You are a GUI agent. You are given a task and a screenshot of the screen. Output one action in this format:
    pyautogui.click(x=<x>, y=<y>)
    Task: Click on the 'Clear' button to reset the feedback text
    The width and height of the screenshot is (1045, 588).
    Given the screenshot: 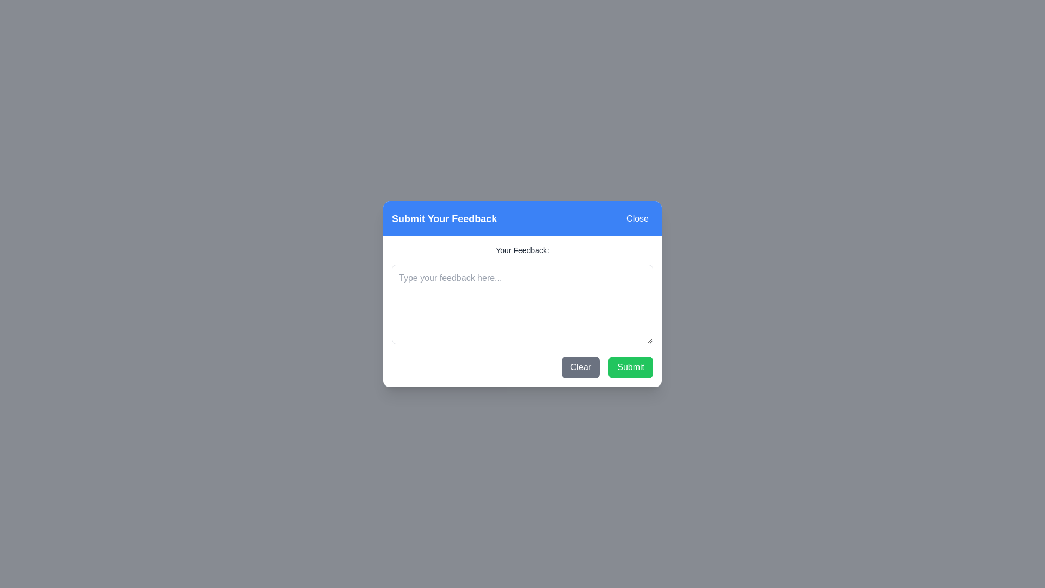 What is the action you would take?
    pyautogui.click(x=580, y=367)
    